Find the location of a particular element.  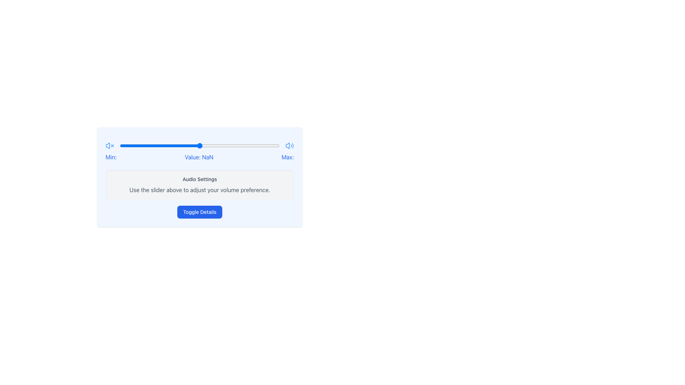

the text label displaying 'Value: NaN' which is positioned between 'Min:' and 'Max:' is located at coordinates (199, 156).